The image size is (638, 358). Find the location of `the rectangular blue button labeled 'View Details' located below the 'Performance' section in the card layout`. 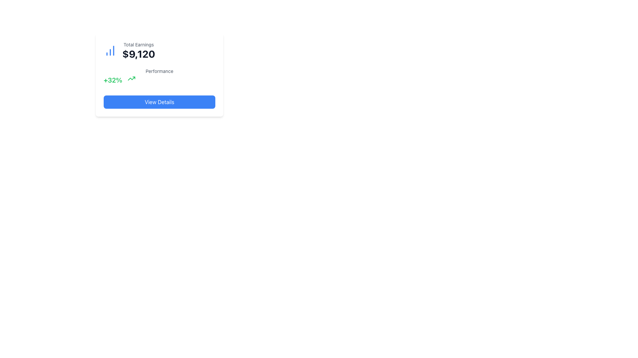

the rectangular blue button labeled 'View Details' located below the 'Performance' section in the card layout is located at coordinates (159, 102).